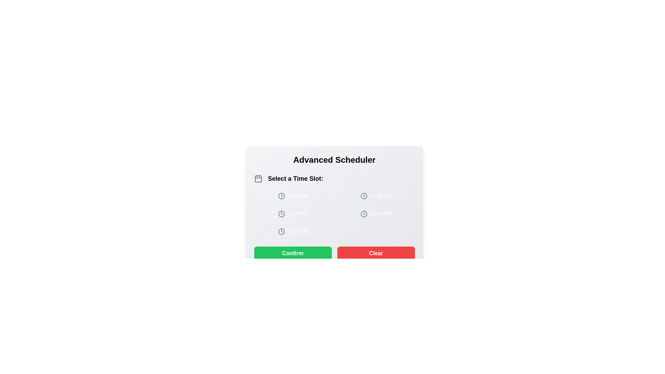 This screenshot has height=374, width=665. What do you see at coordinates (258, 178) in the screenshot?
I see `the minimalist gray outlined calendar icon indicating date selection, located to the left of the 'Select a Time Slot:' text` at bounding box center [258, 178].